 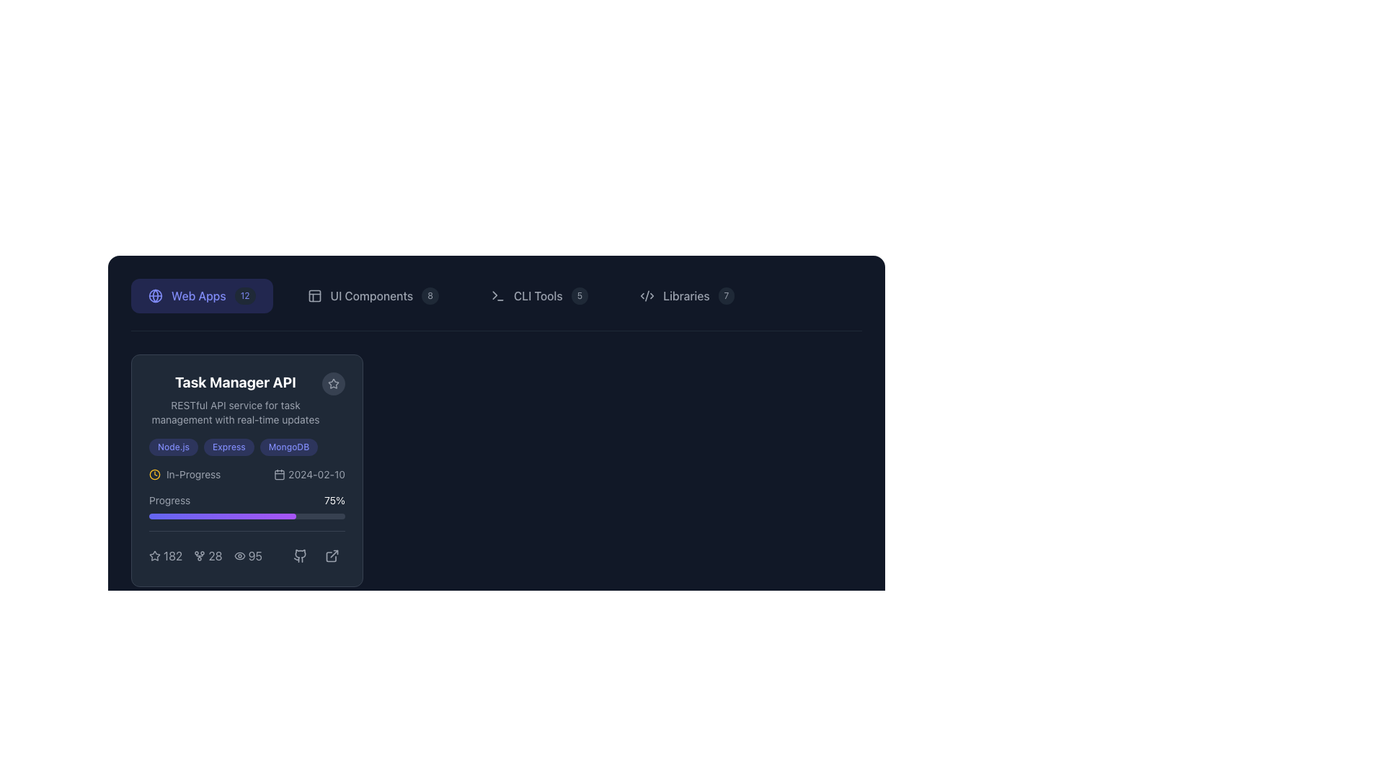 I want to click on the icon displaying the number of forks or branches associated with the task represented by the card, located as the second item in a horizontal row at the bottom of the task card, so click(x=205, y=555).